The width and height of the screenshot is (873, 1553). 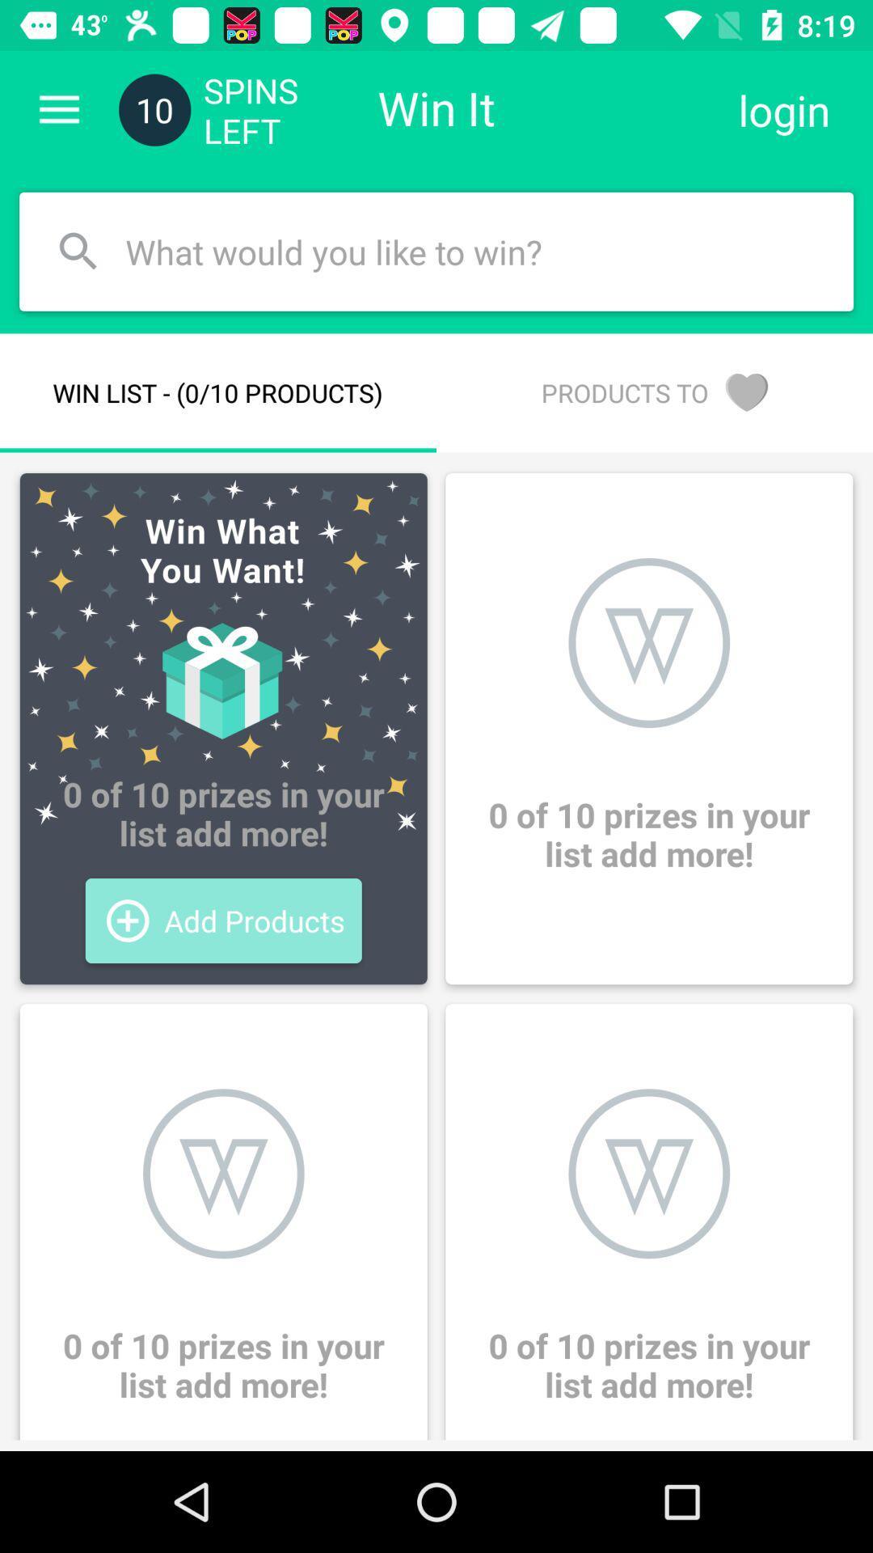 I want to click on the login icon, so click(x=783, y=109).